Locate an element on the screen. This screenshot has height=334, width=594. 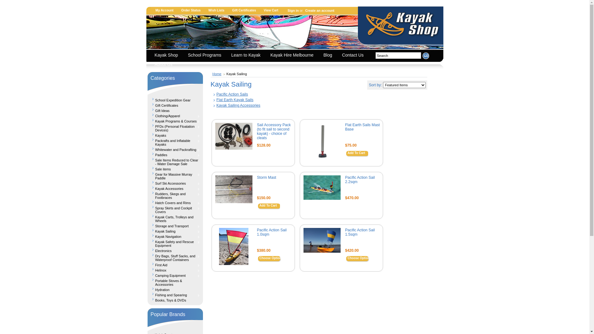
'View Cart' is located at coordinates (273, 10).